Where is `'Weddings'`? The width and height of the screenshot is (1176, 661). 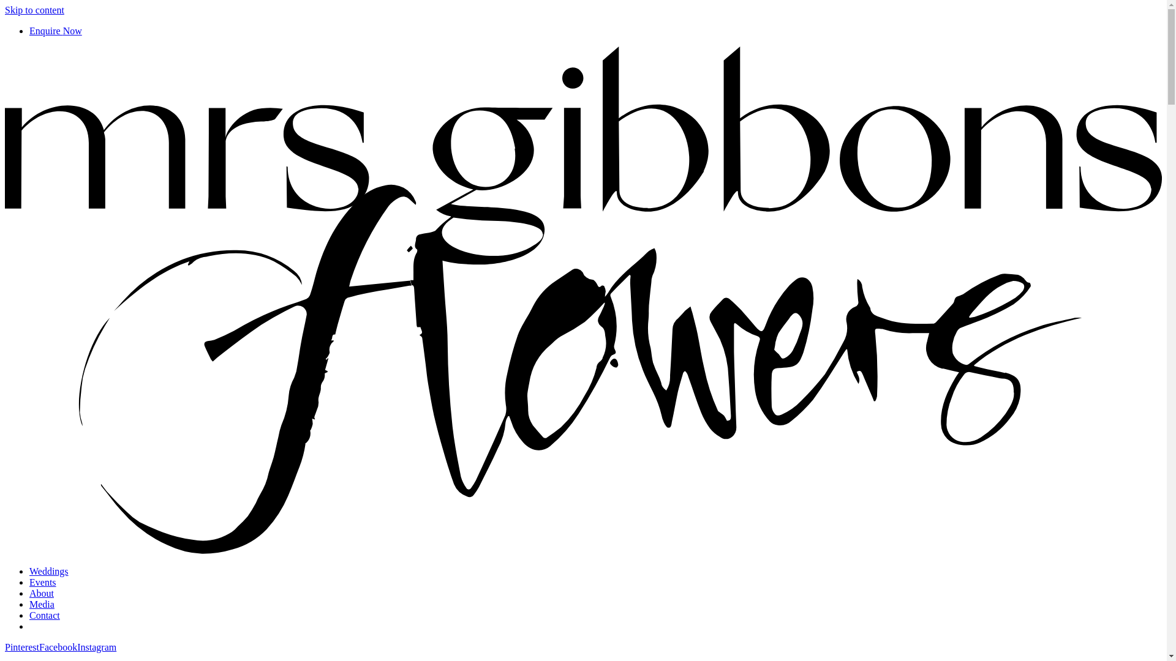
'Weddings' is located at coordinates (29, 571).